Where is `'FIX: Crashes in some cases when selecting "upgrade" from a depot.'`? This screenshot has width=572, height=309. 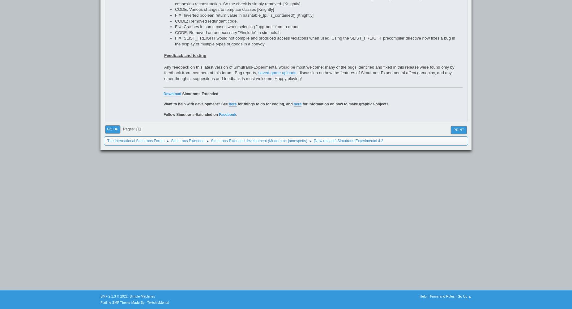 'FIX: Crashes in some cases when selecting "upgrade" from a depot.' is located at coordinates (237, 26).